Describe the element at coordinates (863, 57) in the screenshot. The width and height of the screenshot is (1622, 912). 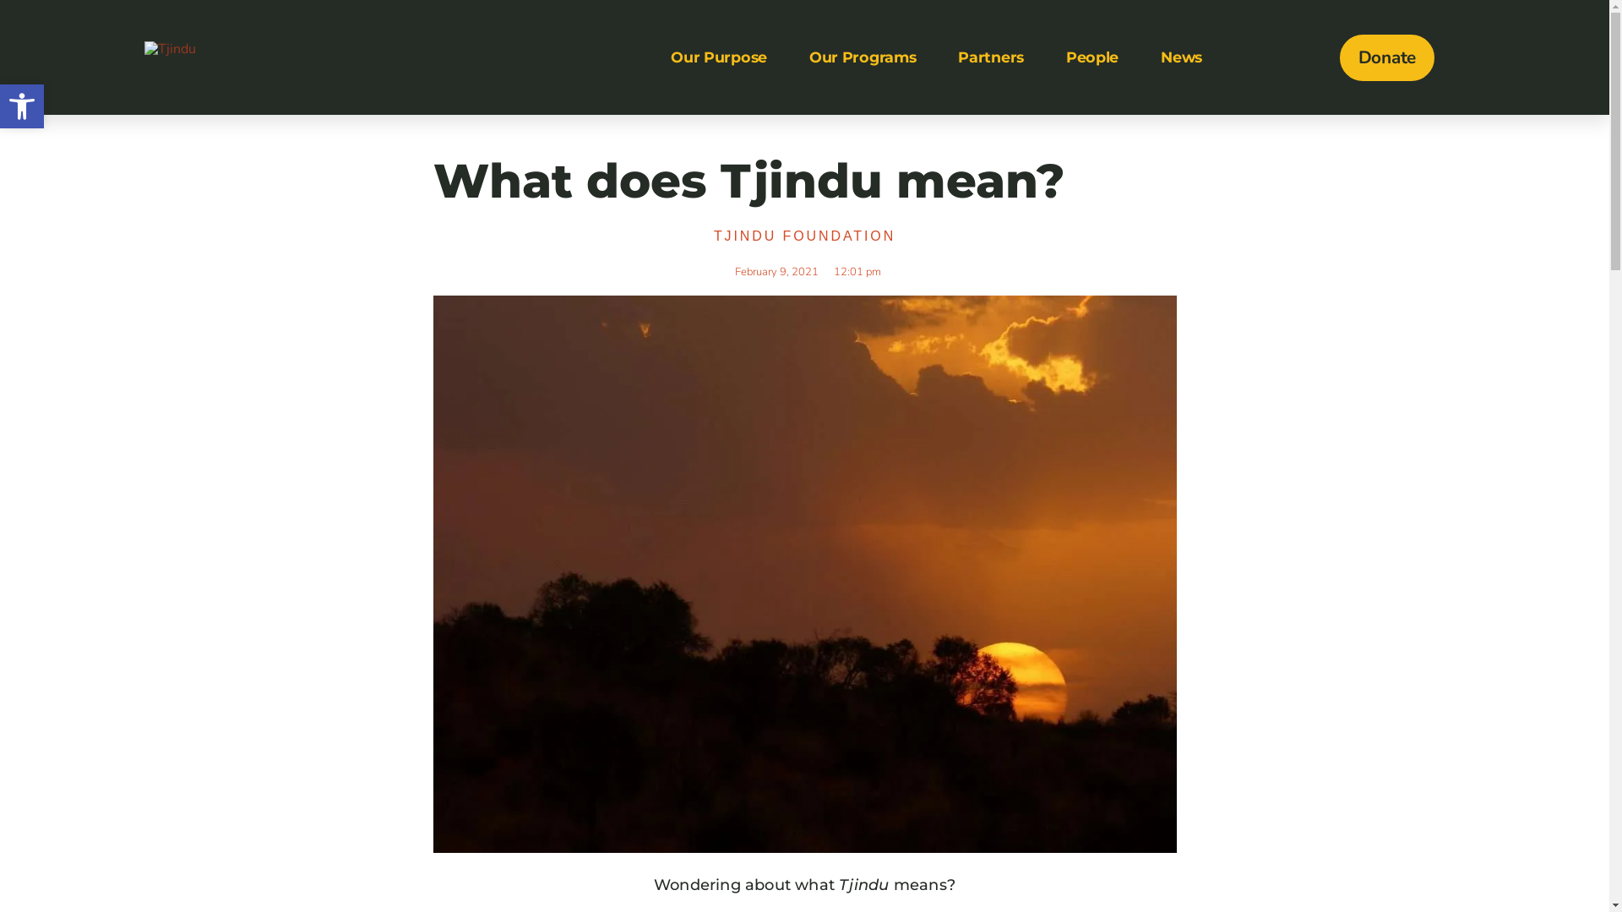
I see `'Our Programs'` at that location.